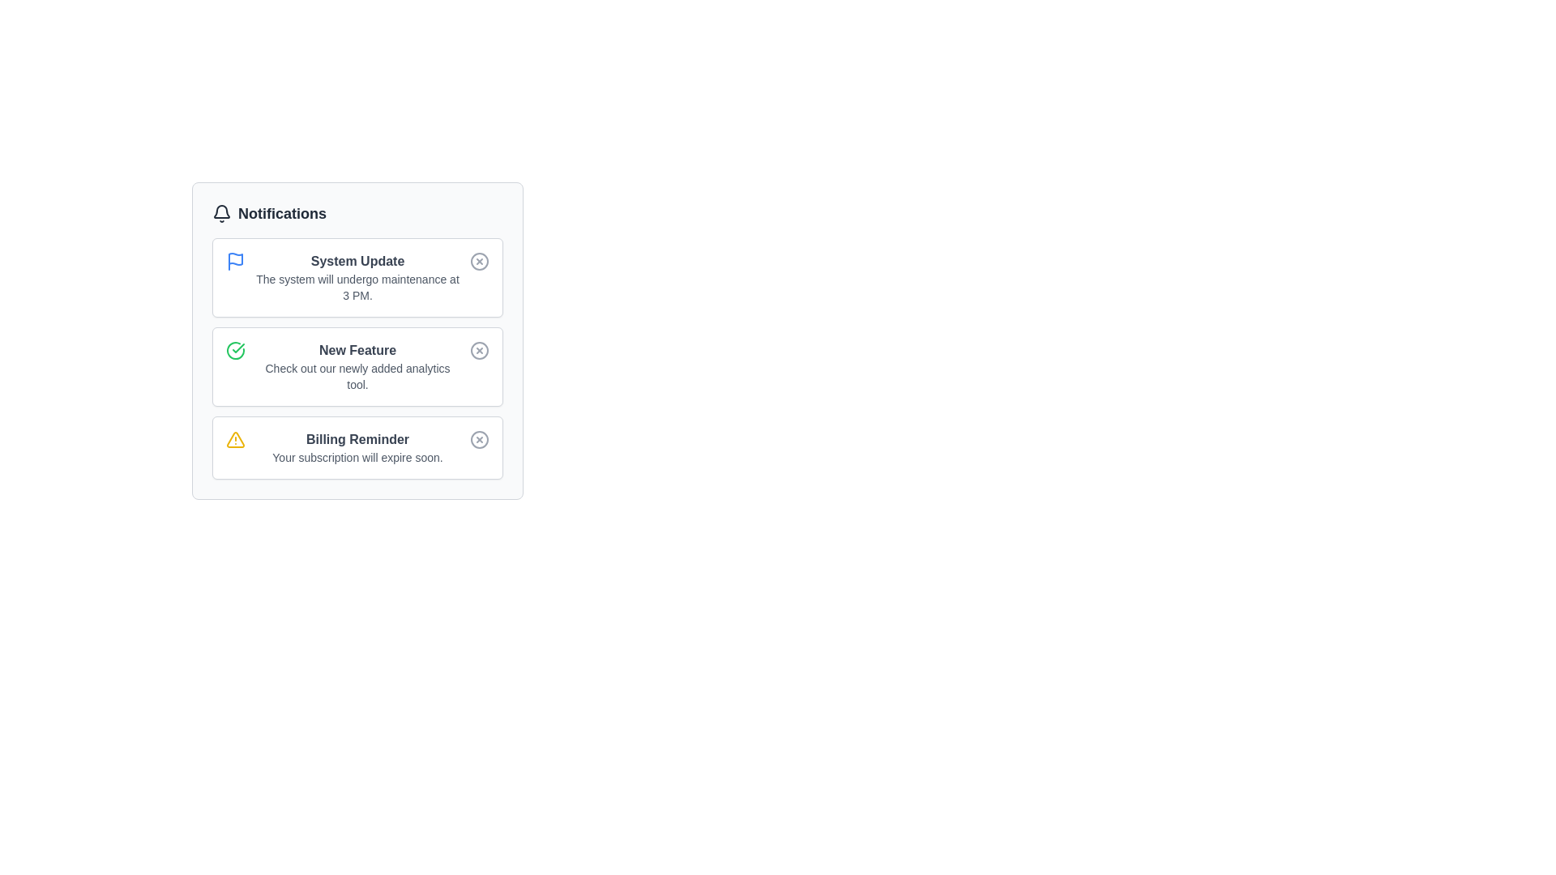 The image size is (1556, 875). I want to click on the bell icon representing notifications, which is located to the left of the text labeled 'Notifications', so click(220, 212).